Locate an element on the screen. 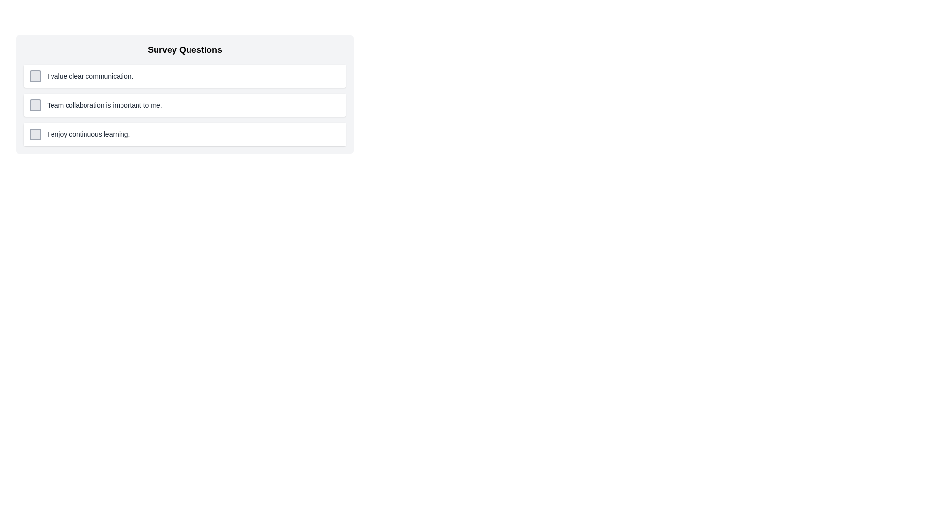  the checkbox labeled as the first item in the vertically stacked list of survey options is located at coordinates (185, 76).